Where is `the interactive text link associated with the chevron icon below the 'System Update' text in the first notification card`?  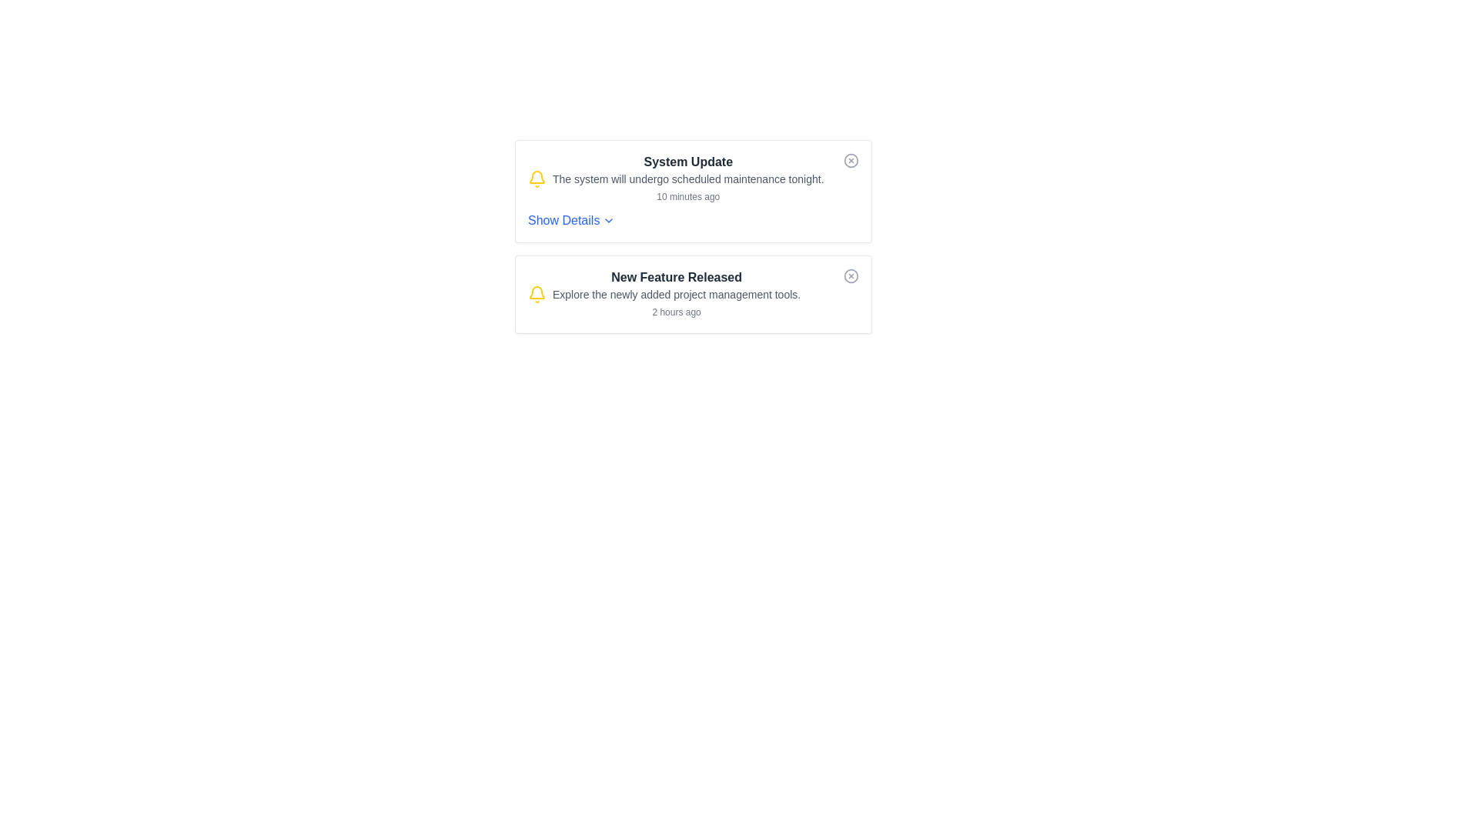 the interactive text link associated with the chevron icon below the 'System Update' text in the first notification card is located at coordinates (570, 220).